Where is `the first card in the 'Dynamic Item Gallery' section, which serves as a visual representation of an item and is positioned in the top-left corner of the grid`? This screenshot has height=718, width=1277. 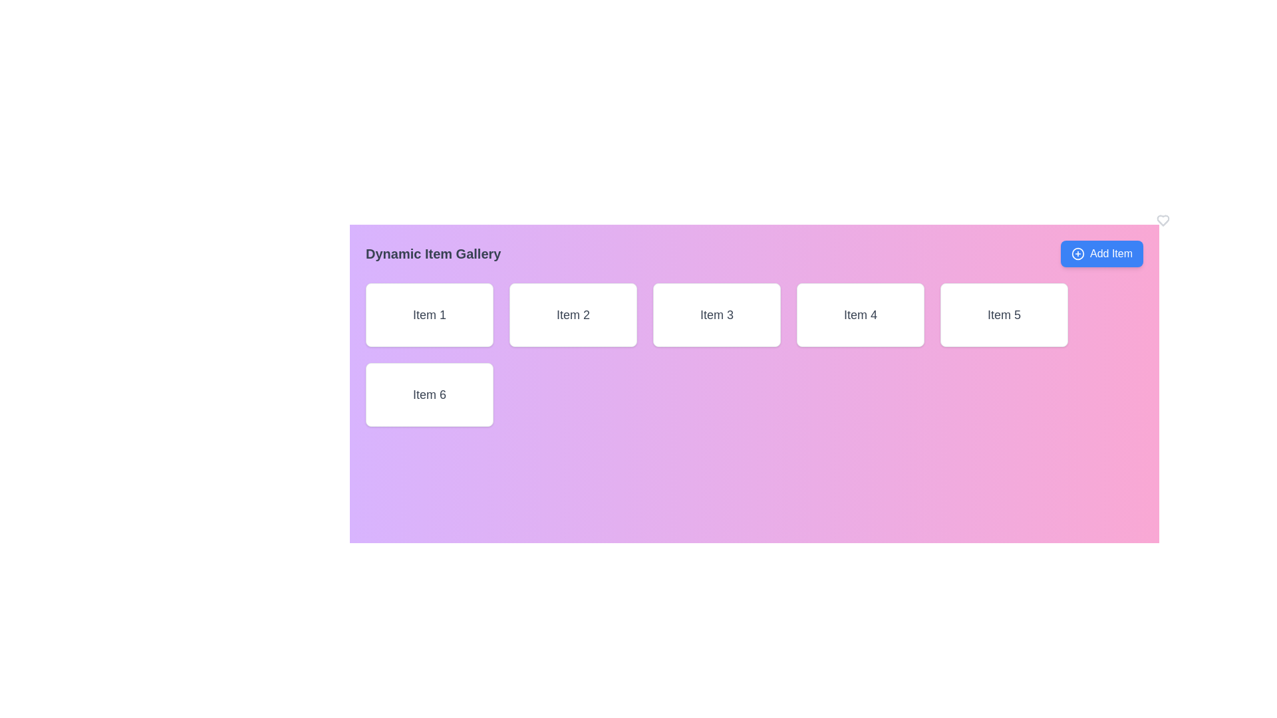 the first card in the 'Dynamic Item Gallery' section, which serves as a visual representation of an item and is positioned in the top-left corner of the grid is located at coordinates (430, 315).